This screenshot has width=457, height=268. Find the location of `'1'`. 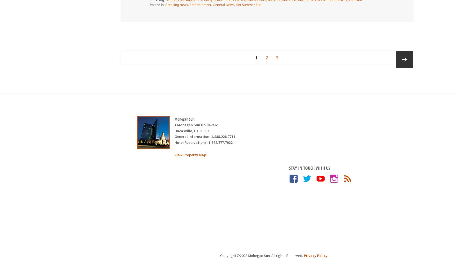

'1' is located at coordinates (256, 57).